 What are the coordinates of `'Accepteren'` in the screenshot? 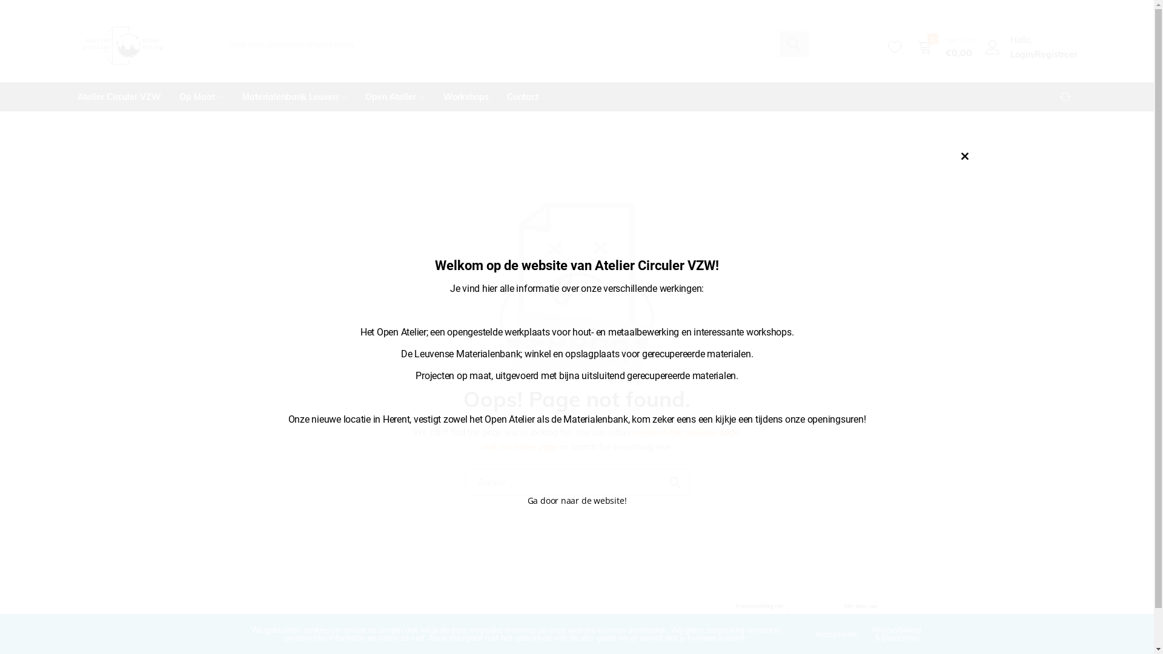 It's located at (835, 632).